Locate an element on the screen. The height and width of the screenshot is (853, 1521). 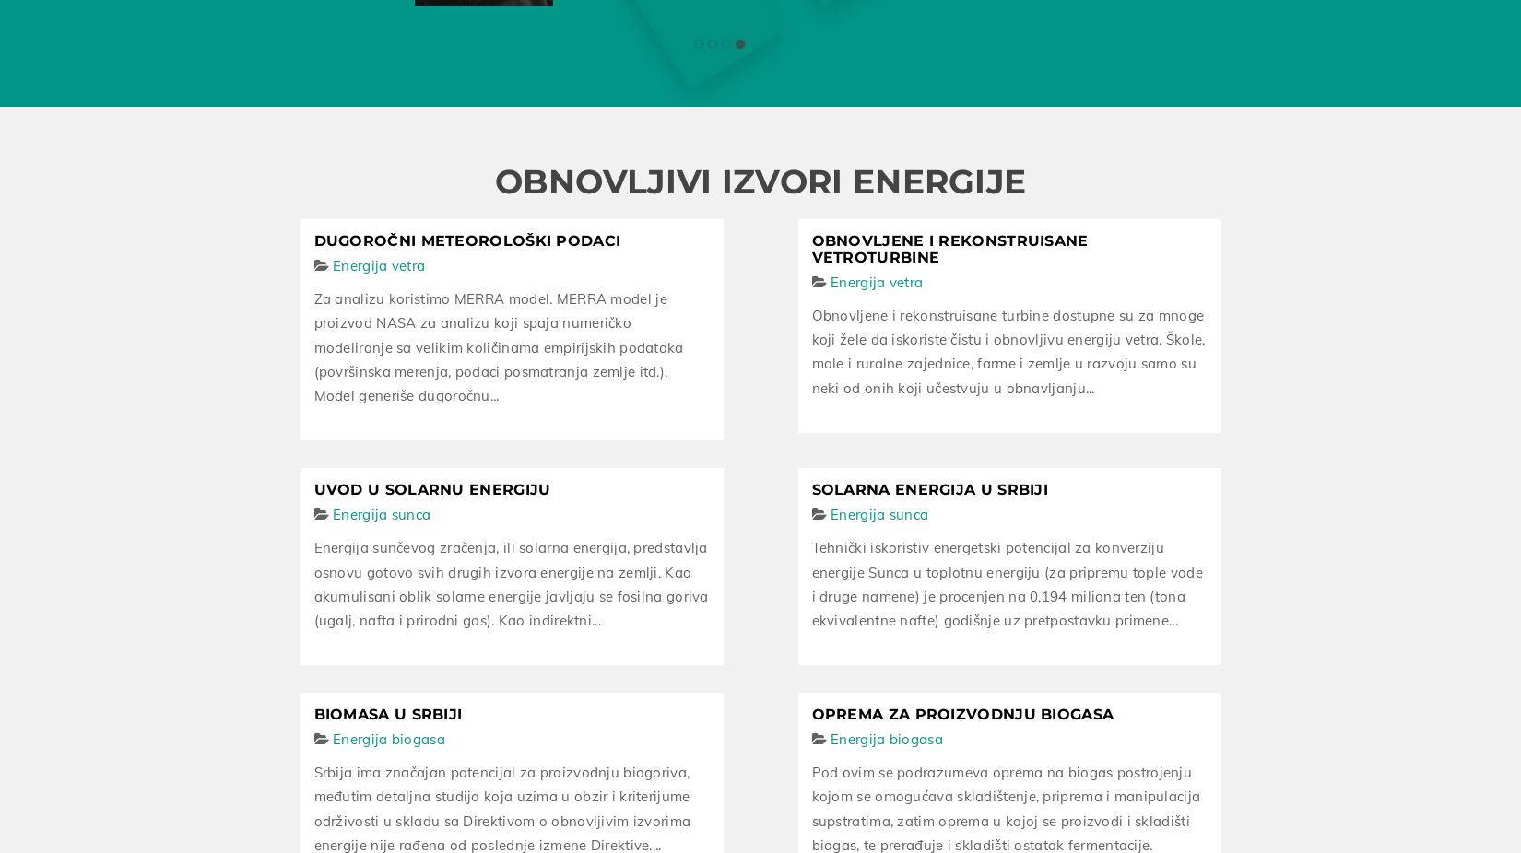
'Oprema za proizvodnju biogasa' is located at coordinates (961, 710).